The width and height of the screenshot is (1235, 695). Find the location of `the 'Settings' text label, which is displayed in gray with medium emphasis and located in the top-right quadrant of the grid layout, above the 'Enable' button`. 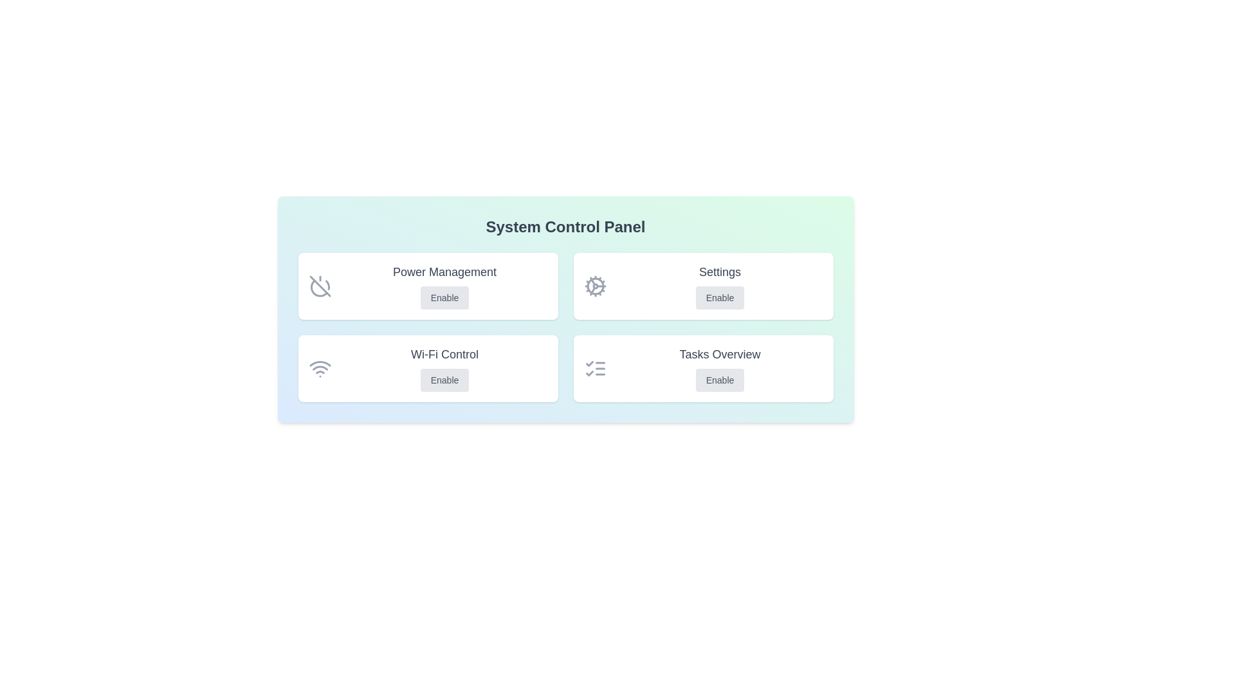

the 'Settings' text label, which is displayed in gray with medium emphasis and located in the top-right quadrant of the grid layout, above the 'Enable' button is located at coordinates (719, 272).